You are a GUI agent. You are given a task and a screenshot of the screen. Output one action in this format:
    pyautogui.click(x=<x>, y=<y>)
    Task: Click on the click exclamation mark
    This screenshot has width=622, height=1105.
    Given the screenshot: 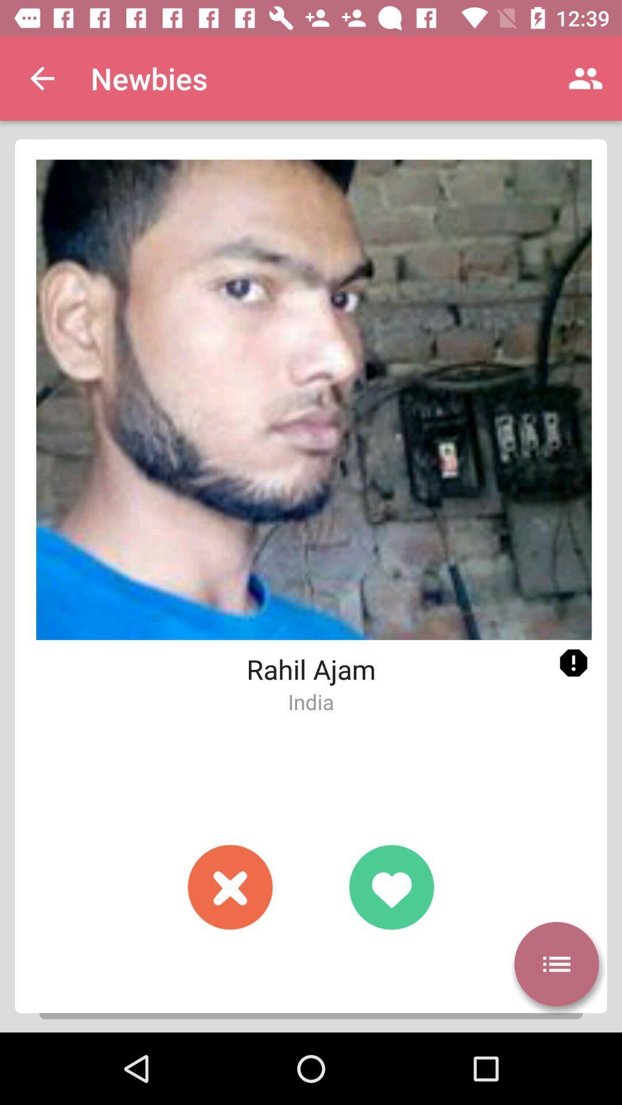 What is the action you would take?
    pyautogui.click(x=573, y=663)
    